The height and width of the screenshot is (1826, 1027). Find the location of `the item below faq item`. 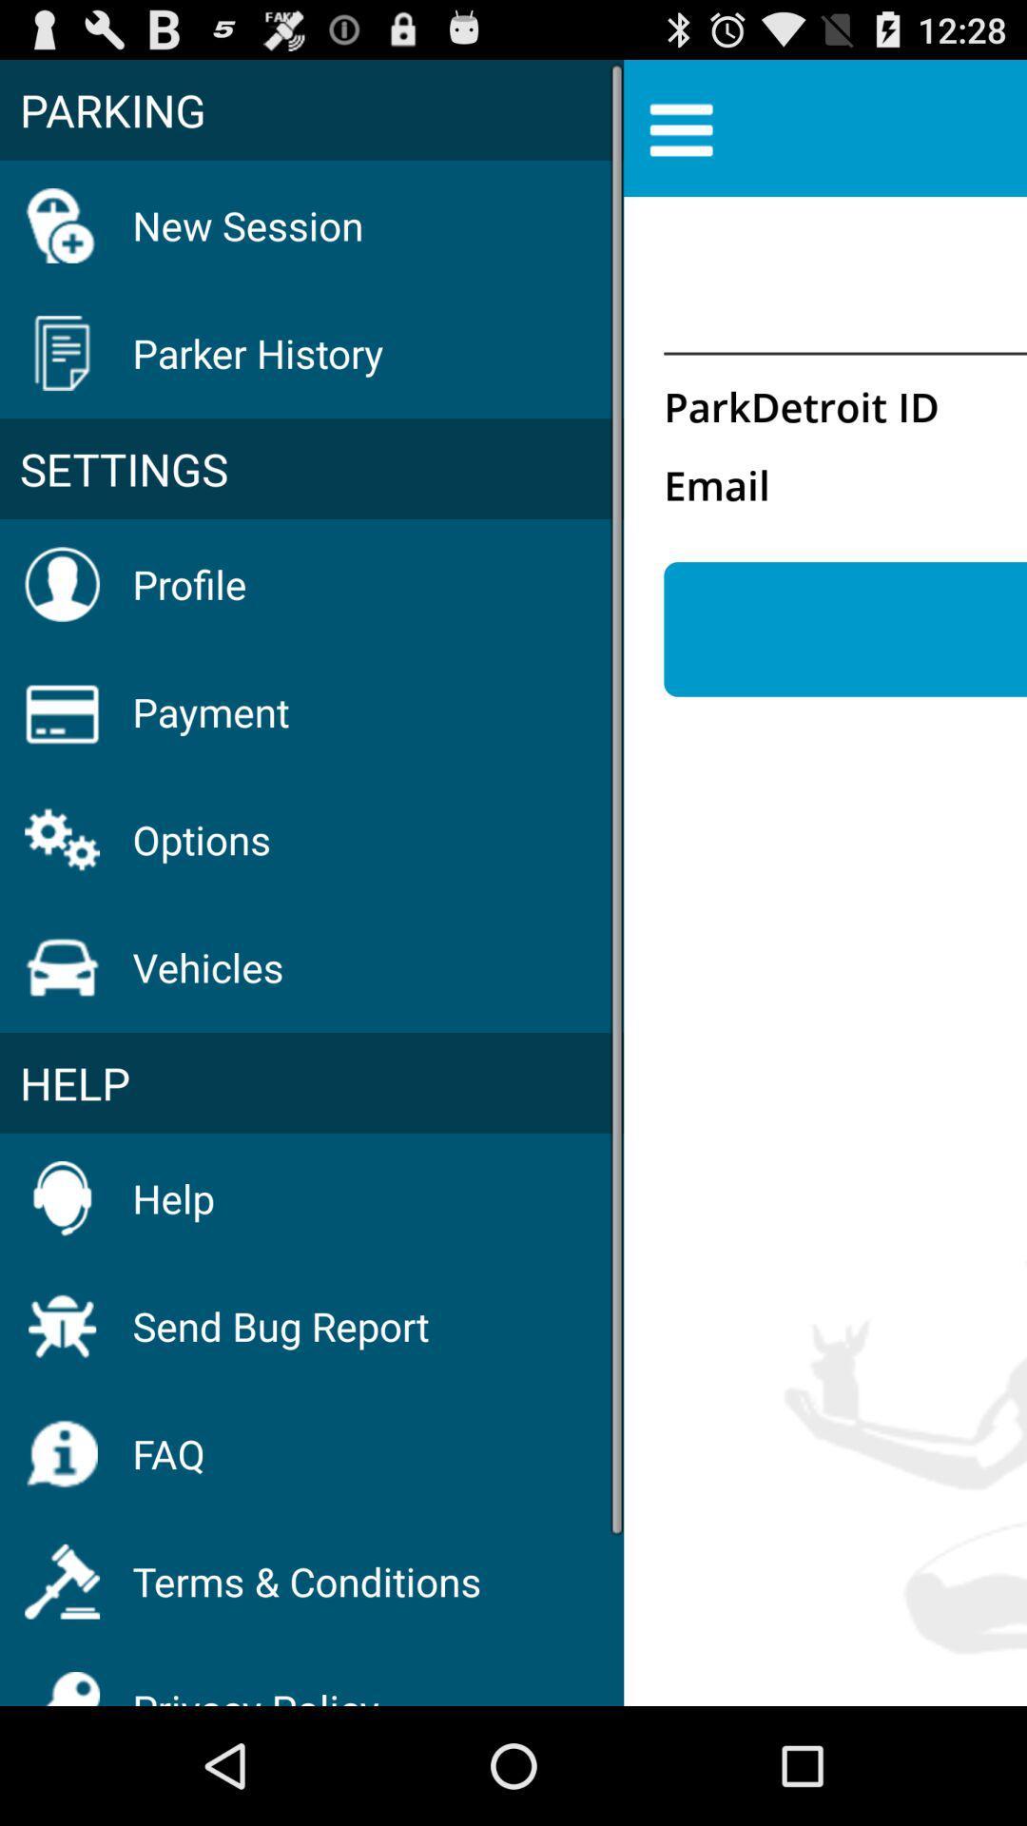

the item below faq item is located at coordinates (305, 1581).